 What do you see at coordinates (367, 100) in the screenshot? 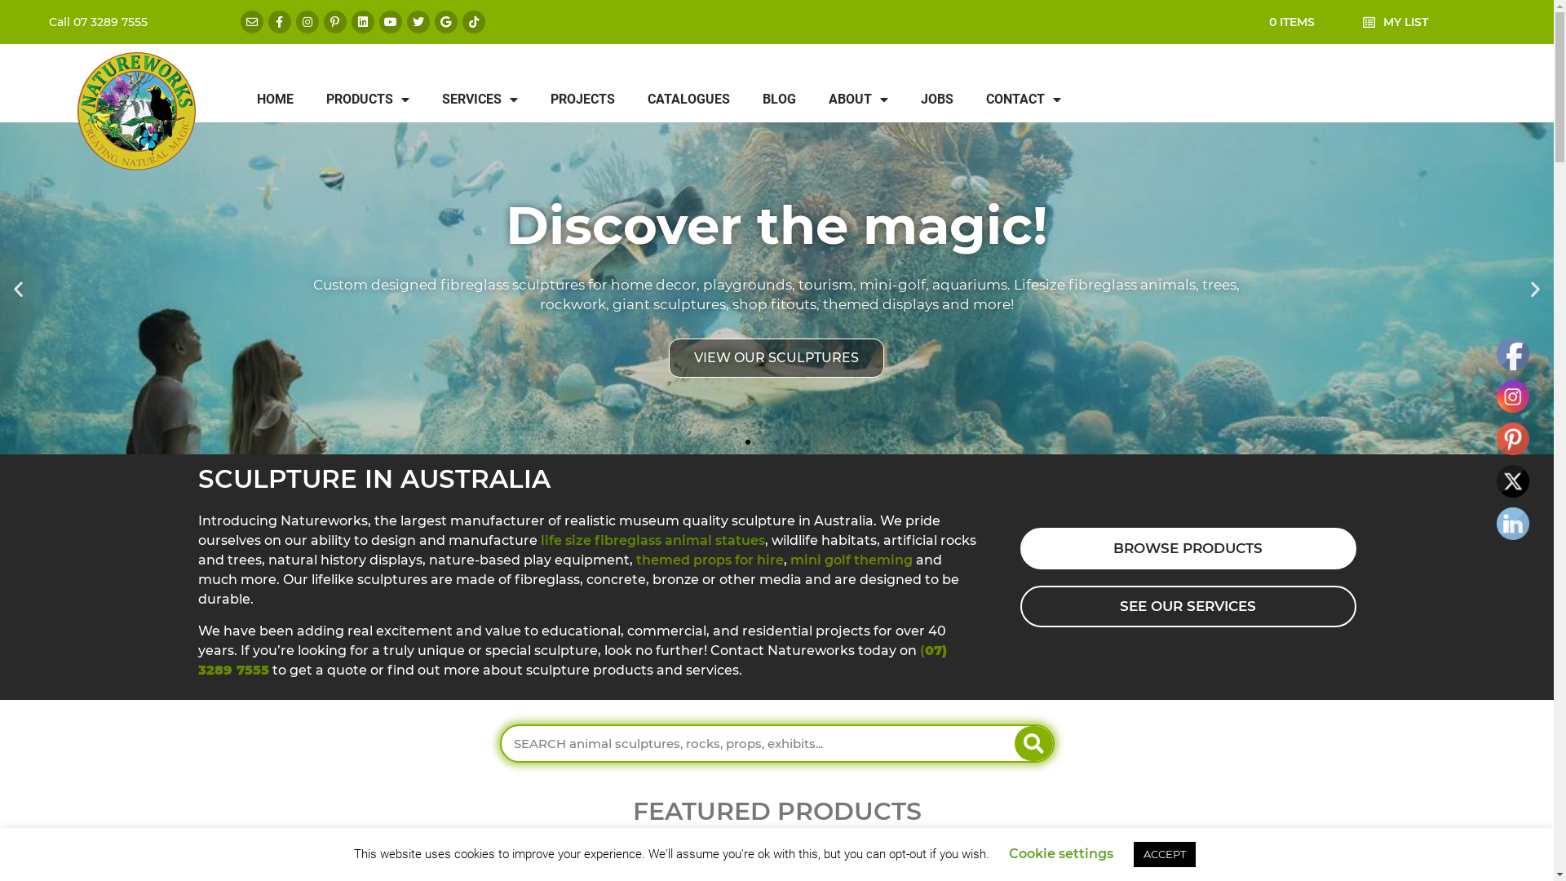
I see `'PRODUCTS'` at bounding box center [367, 100].